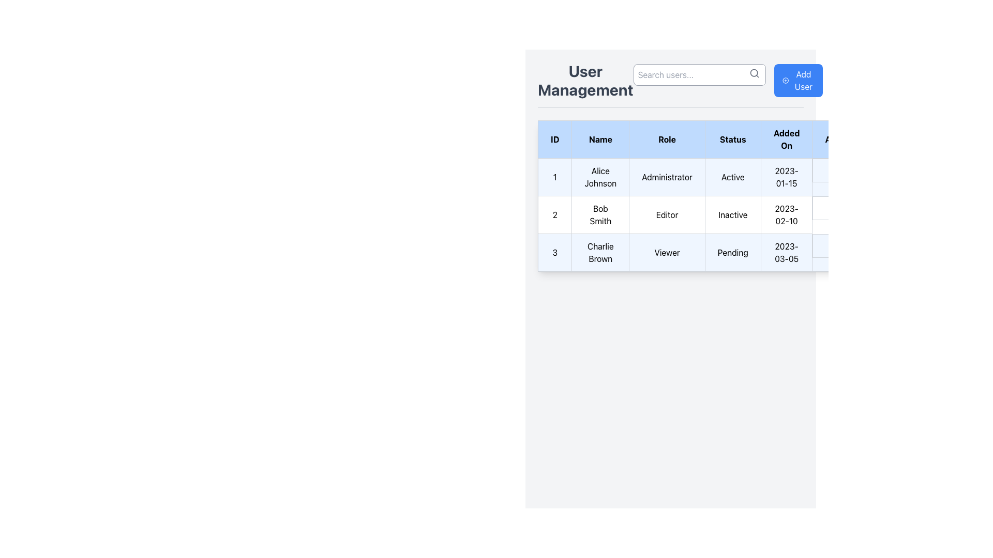 The width and height of the screenshot is (993, 558). I want to click on the 'Status' column header cell in the table, which is the fourth cell in the header row, positioned between the 'Role' and 'Added On' columns, so click(732, 139).